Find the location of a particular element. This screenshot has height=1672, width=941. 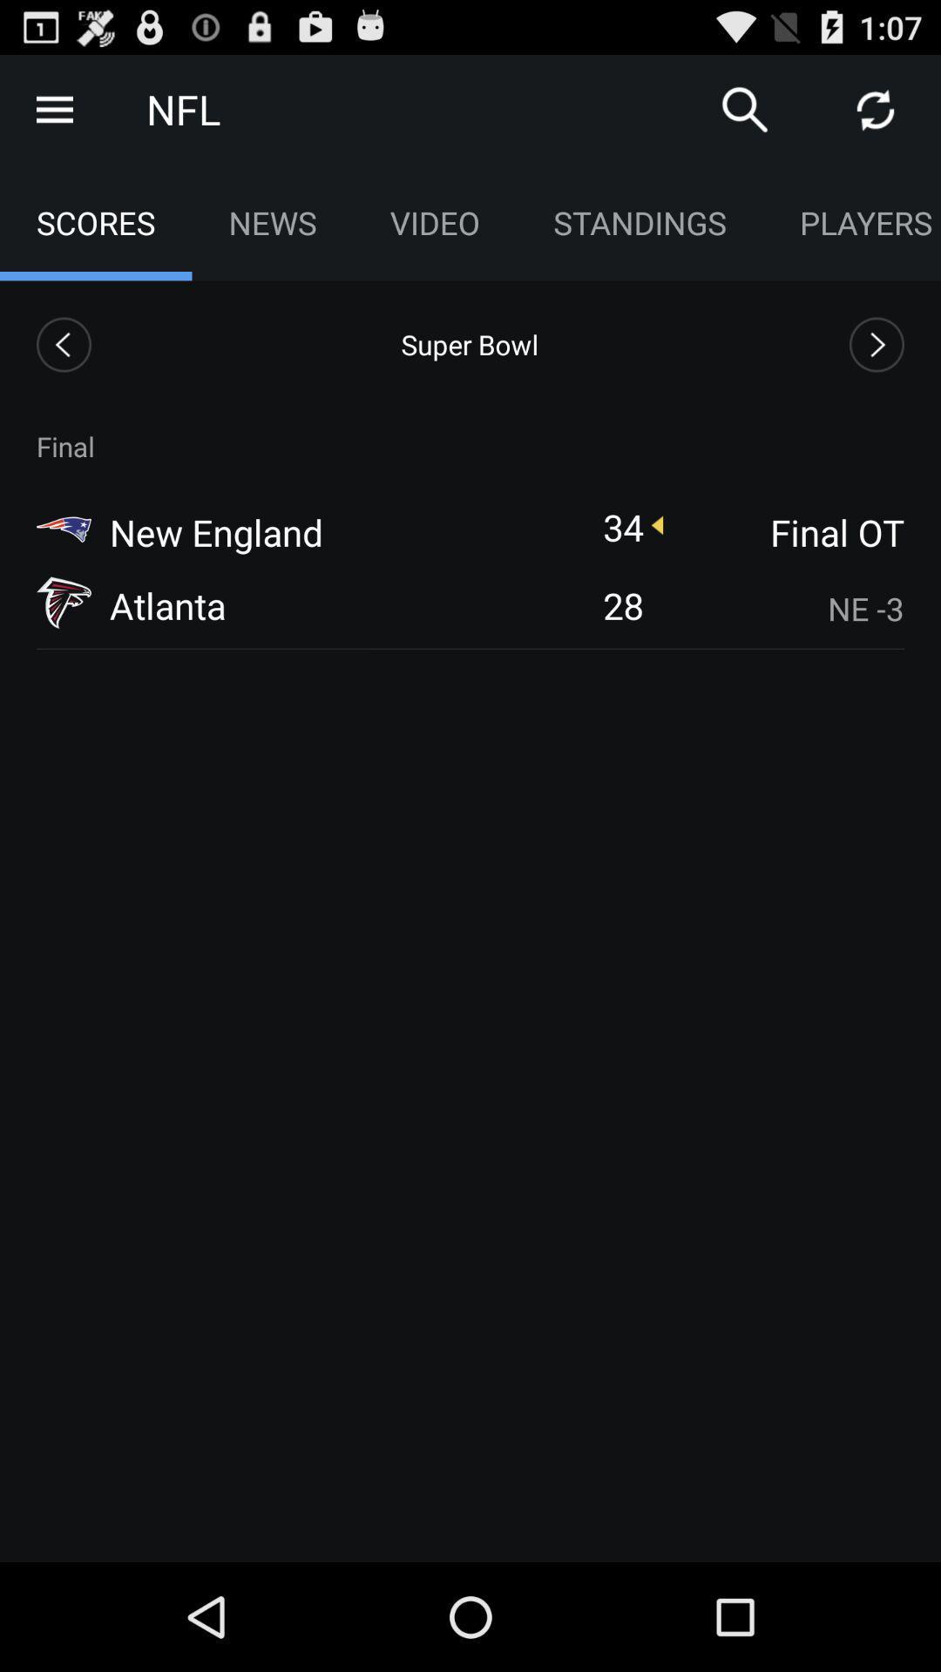

the icon above super bowl is located at coordinates (434, 221).